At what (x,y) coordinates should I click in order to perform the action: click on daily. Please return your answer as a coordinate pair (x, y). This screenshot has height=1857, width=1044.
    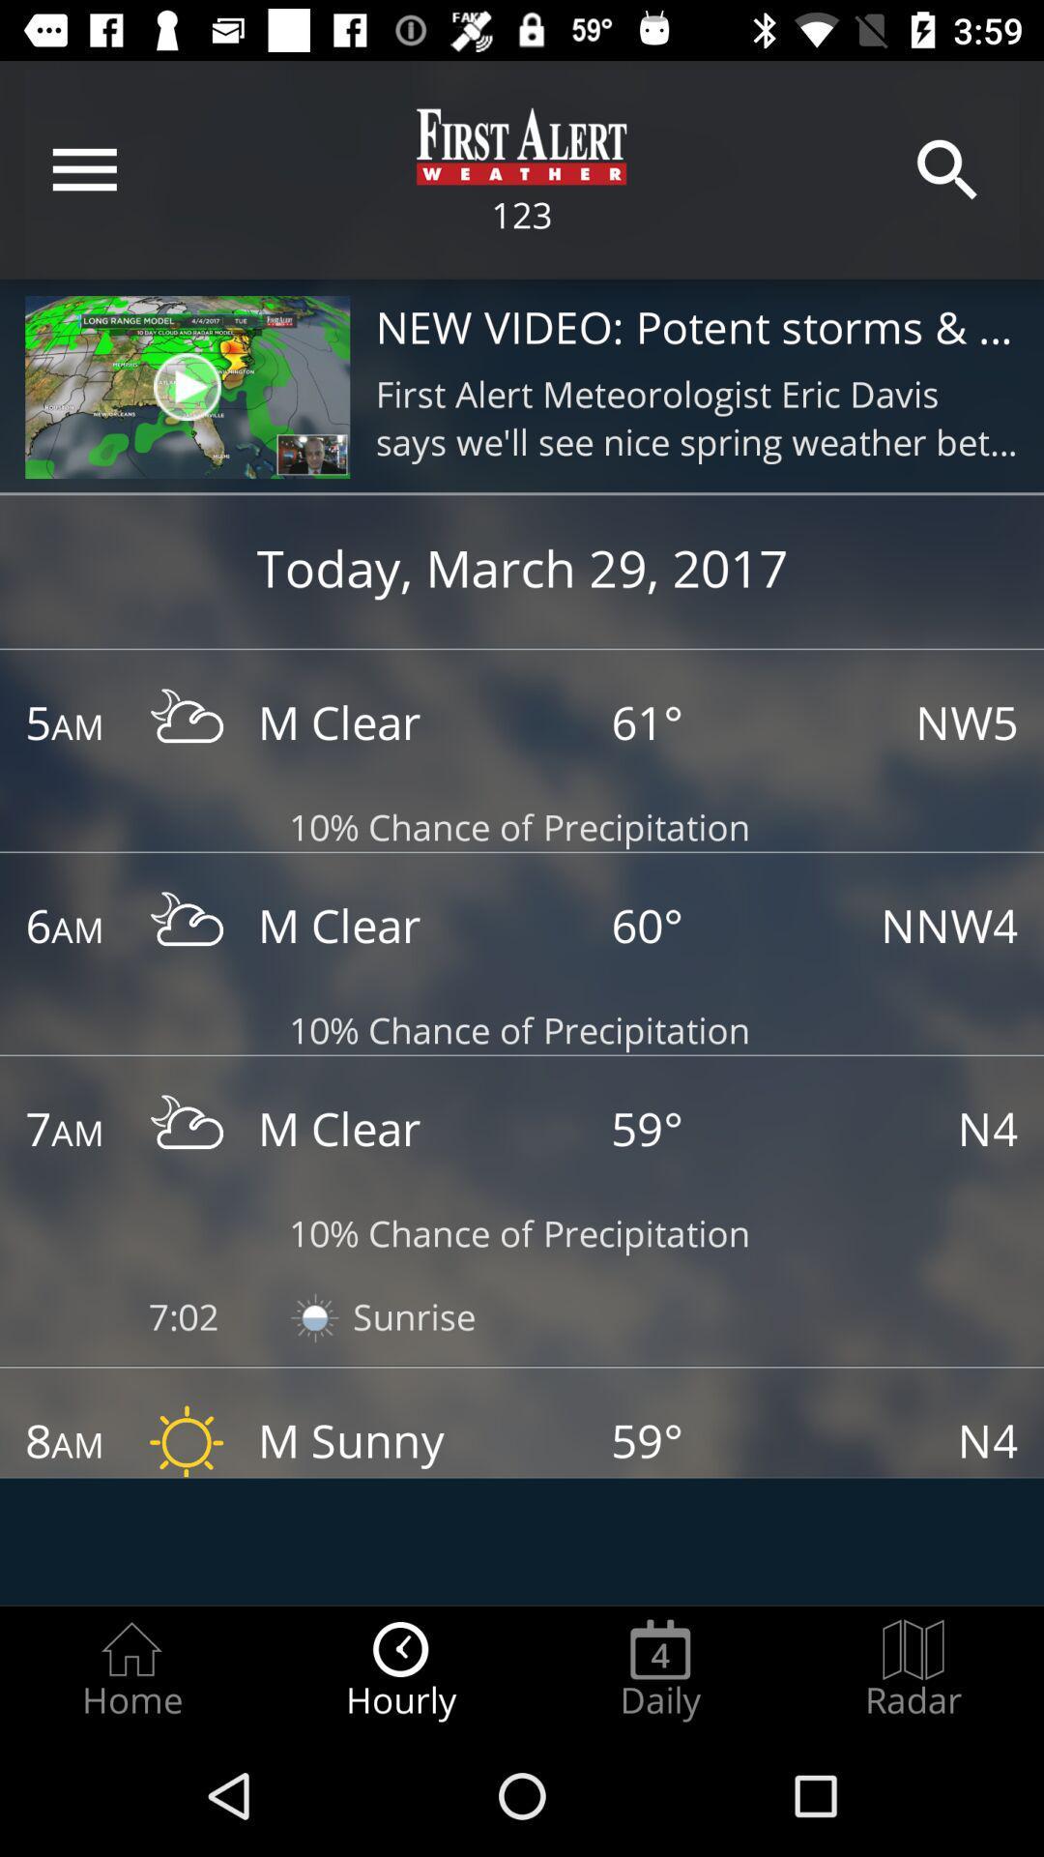
    Looking at the image, I should click on (659, 1669).